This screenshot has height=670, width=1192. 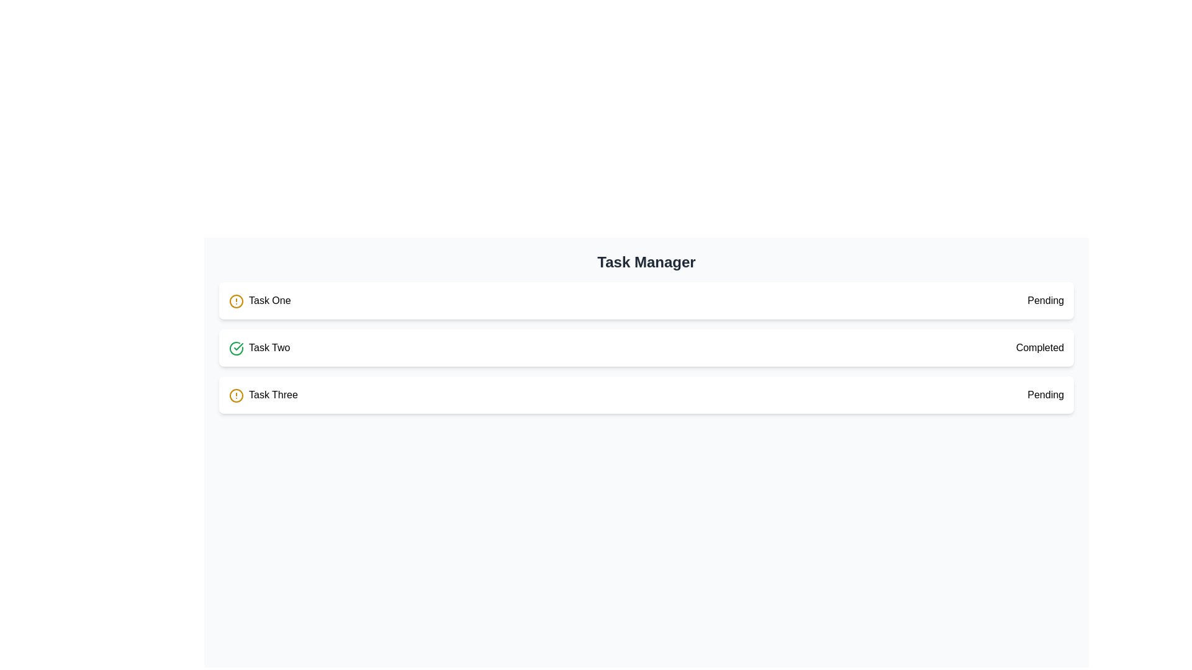 I want to click on the circular outline of the alert icon next to the 'Task One' label in the task list interface, so click(x=236, y=301).